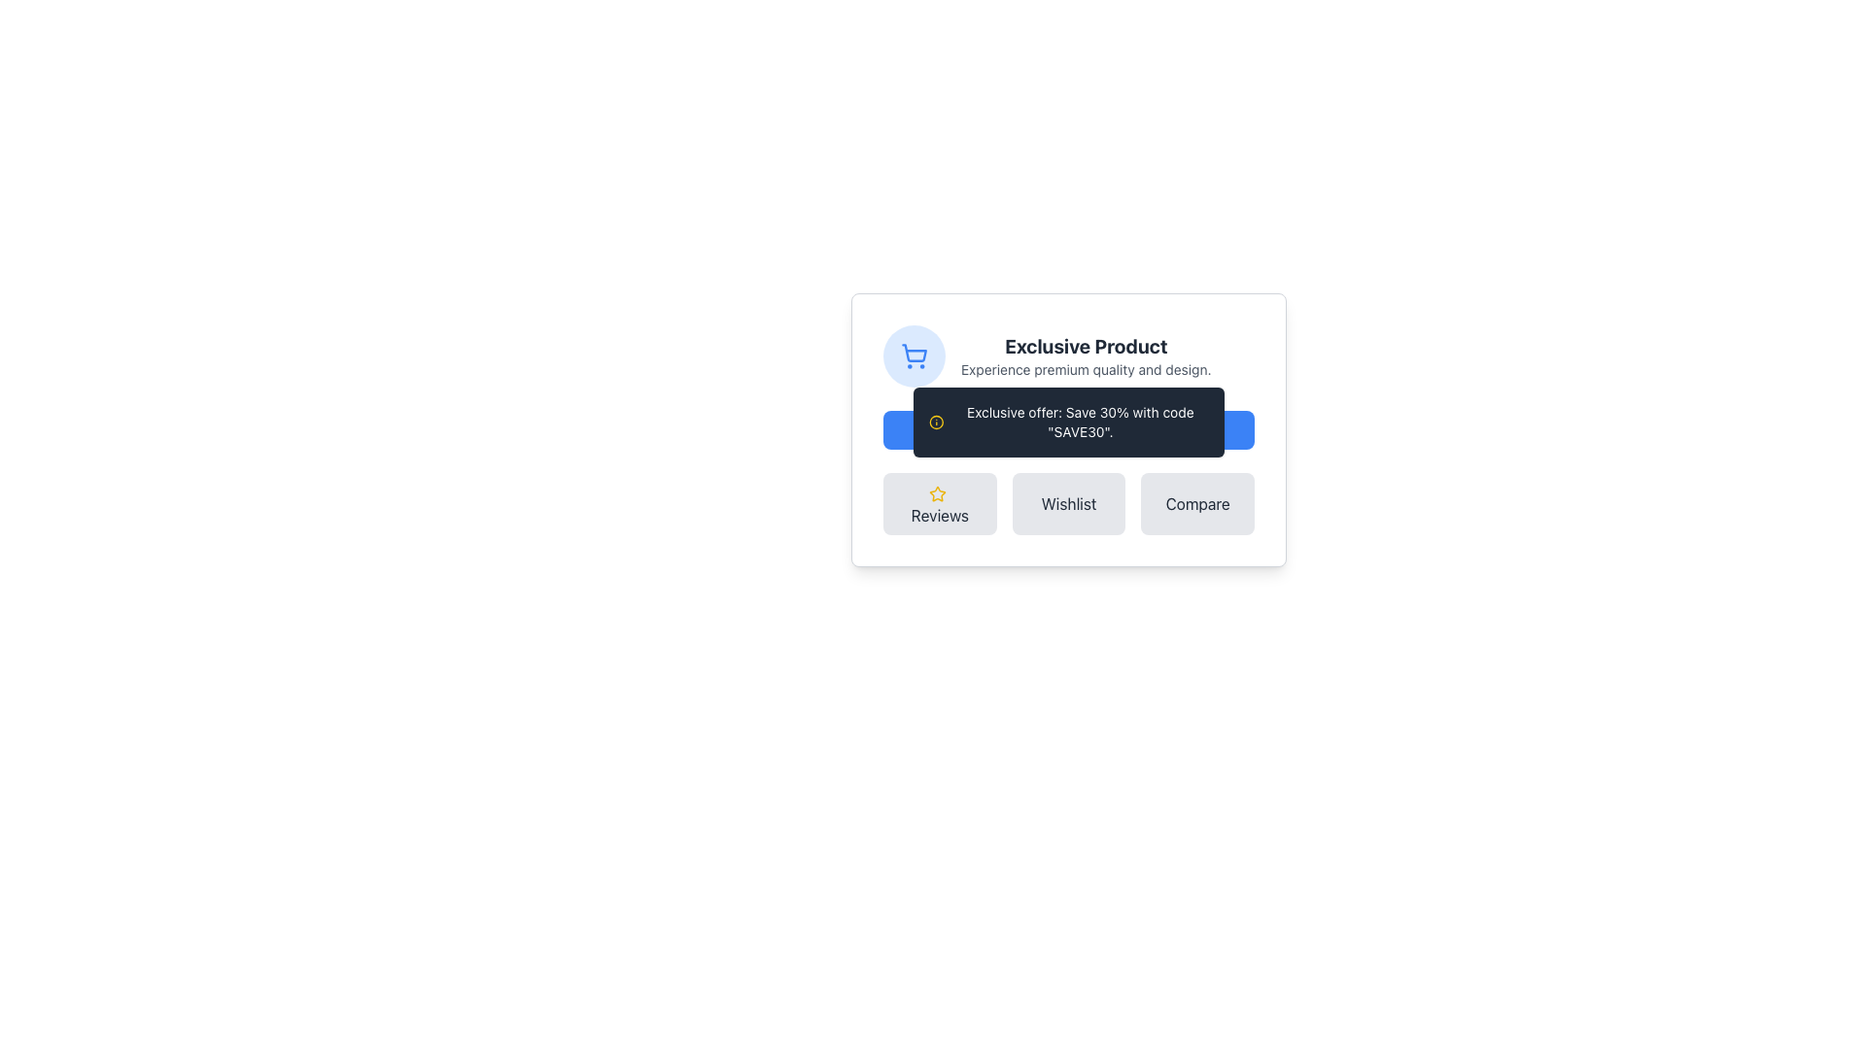 The height and width of the screenshot is (1049, 1866). Describe the element at coordinates (939, 503) in the screenshot. I see `the first button in the horizontal series that navigates to the product reviews section` at that location.